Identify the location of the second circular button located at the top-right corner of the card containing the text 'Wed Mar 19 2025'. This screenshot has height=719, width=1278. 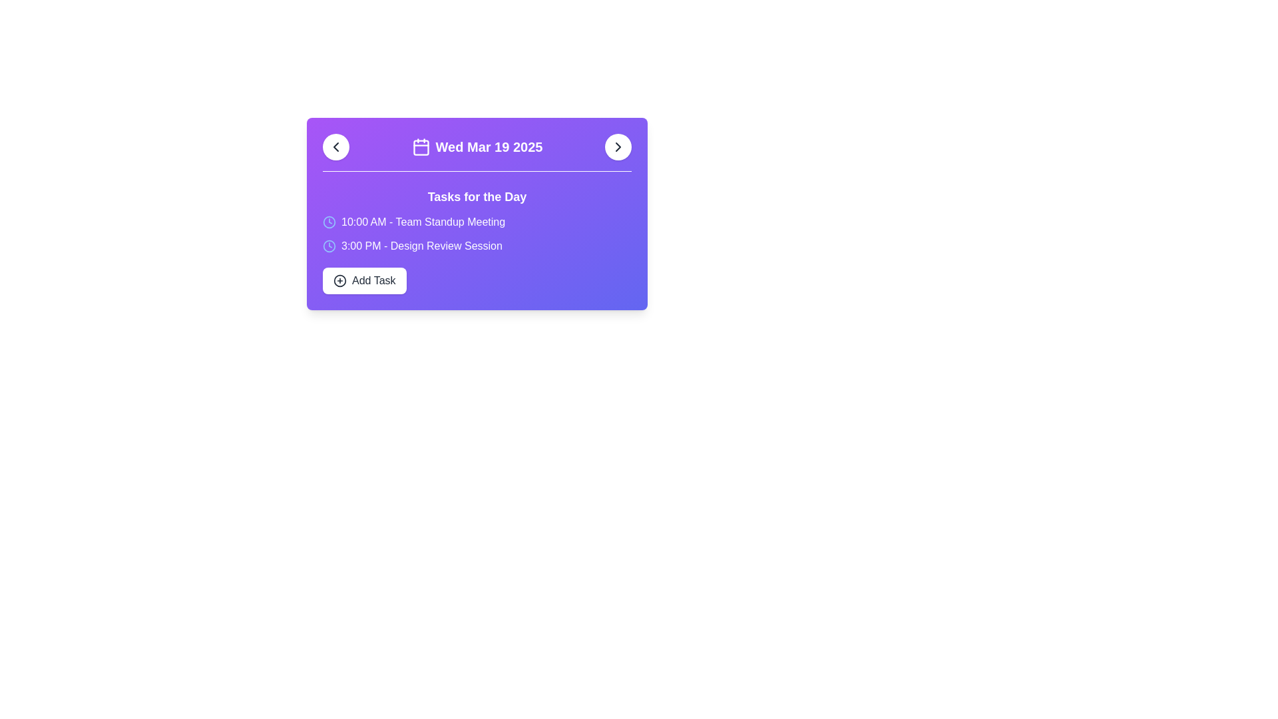
(618, 146).